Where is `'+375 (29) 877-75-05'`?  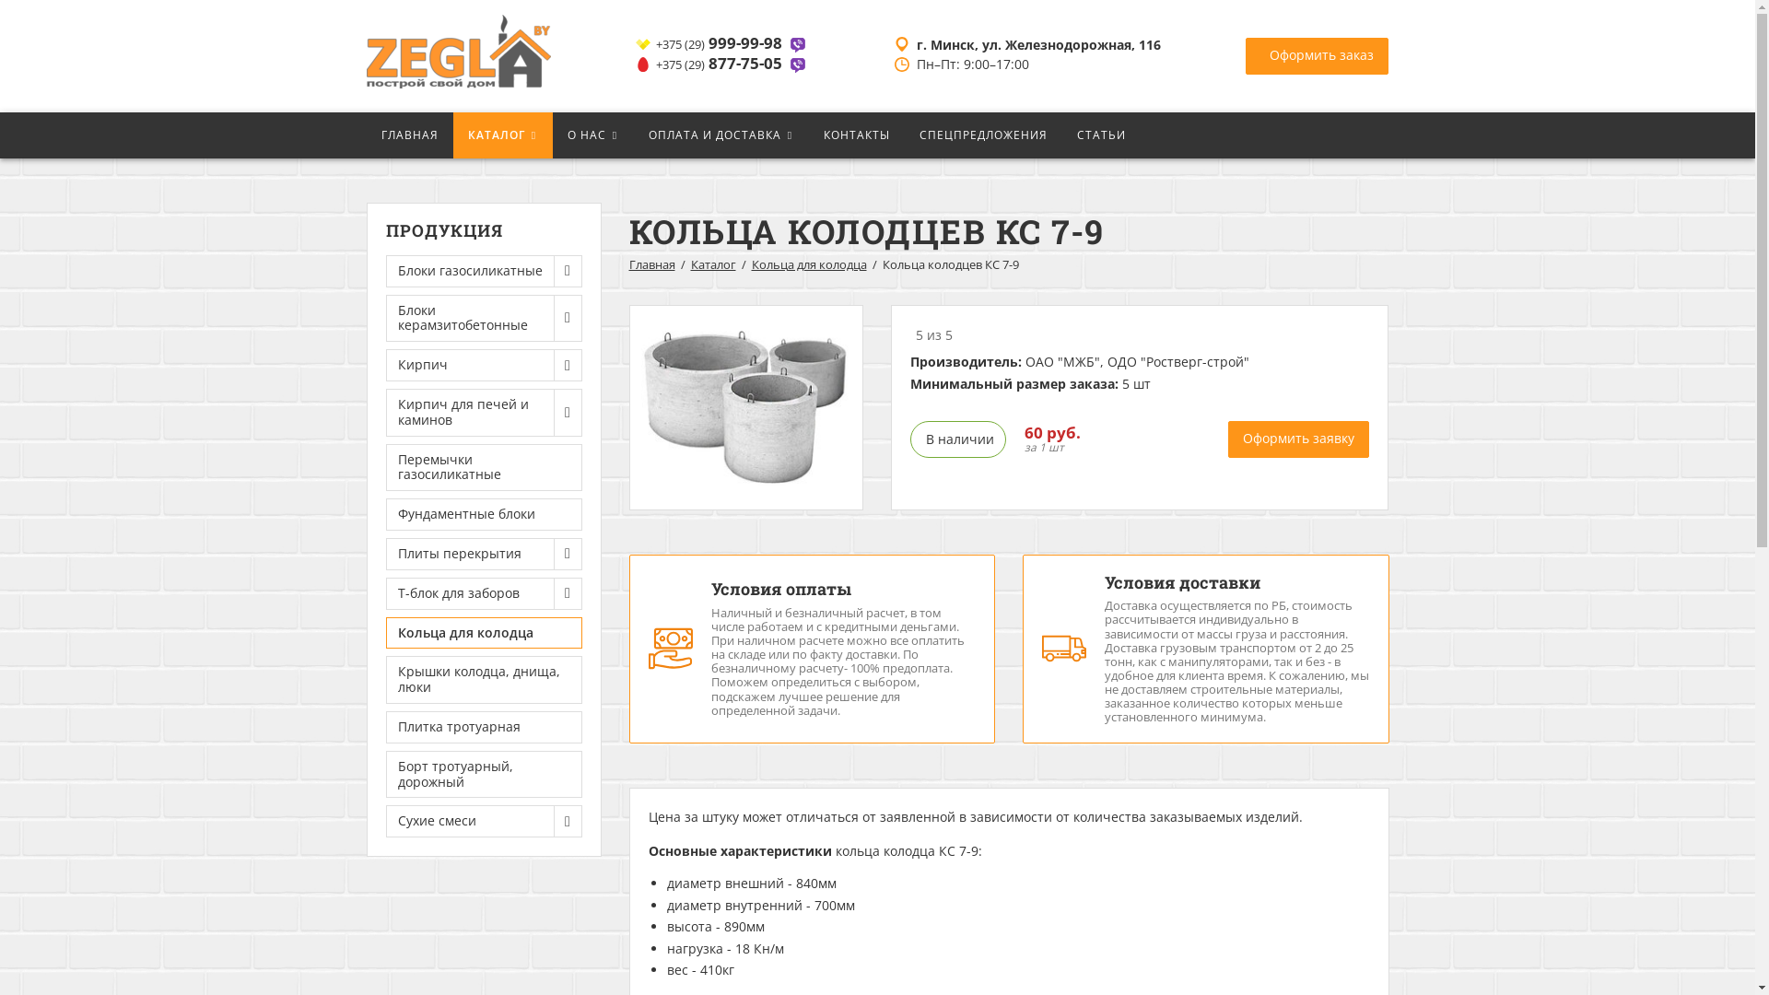
'+375 (29) 877-75-05' is located at coordinates (721, 63).